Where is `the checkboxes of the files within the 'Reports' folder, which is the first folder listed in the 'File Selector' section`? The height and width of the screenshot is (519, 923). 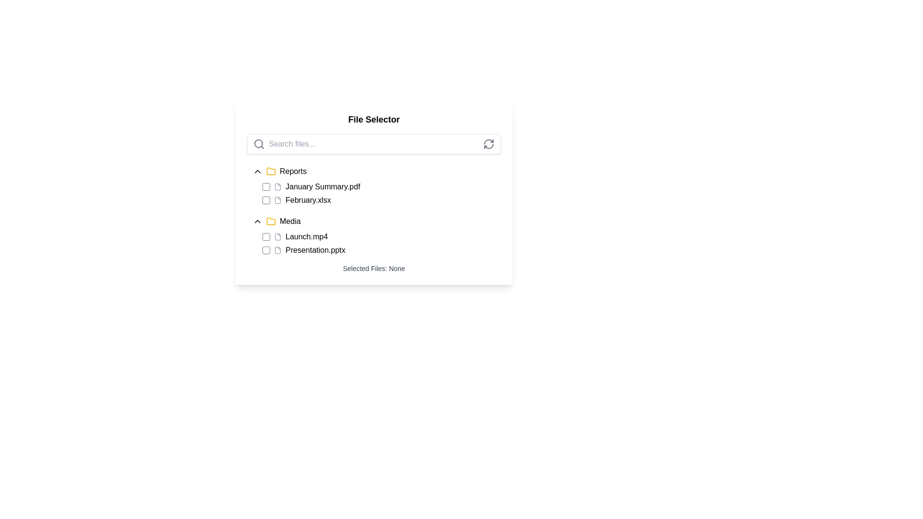 the checkboxes of the files within the 'Reports' folder, which is the first folder listed in the 'File Selector' section is located at coordinates (373, 184).